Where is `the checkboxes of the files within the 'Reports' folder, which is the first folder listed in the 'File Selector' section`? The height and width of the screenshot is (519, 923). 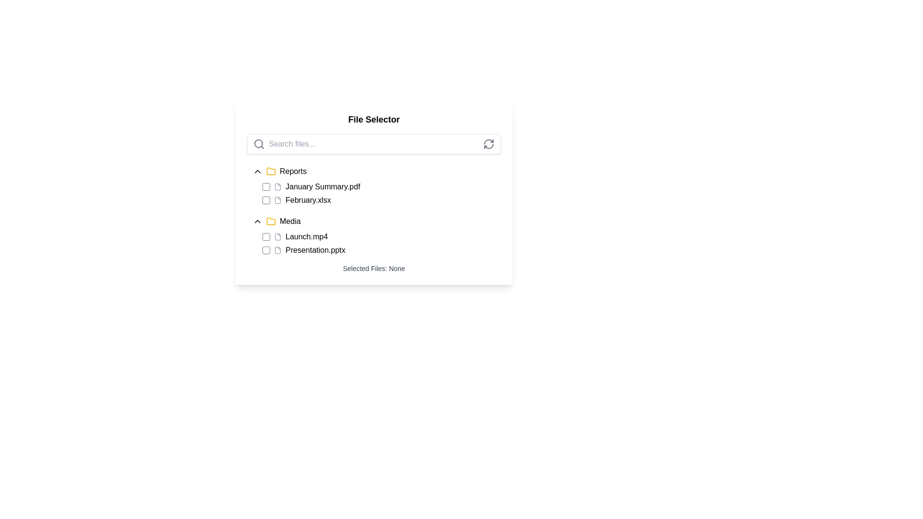 the checkboxes of the files within the 'Reports' folder, which is the first folder listed in the 'File Selector' section is located at coordinates (373, 184).